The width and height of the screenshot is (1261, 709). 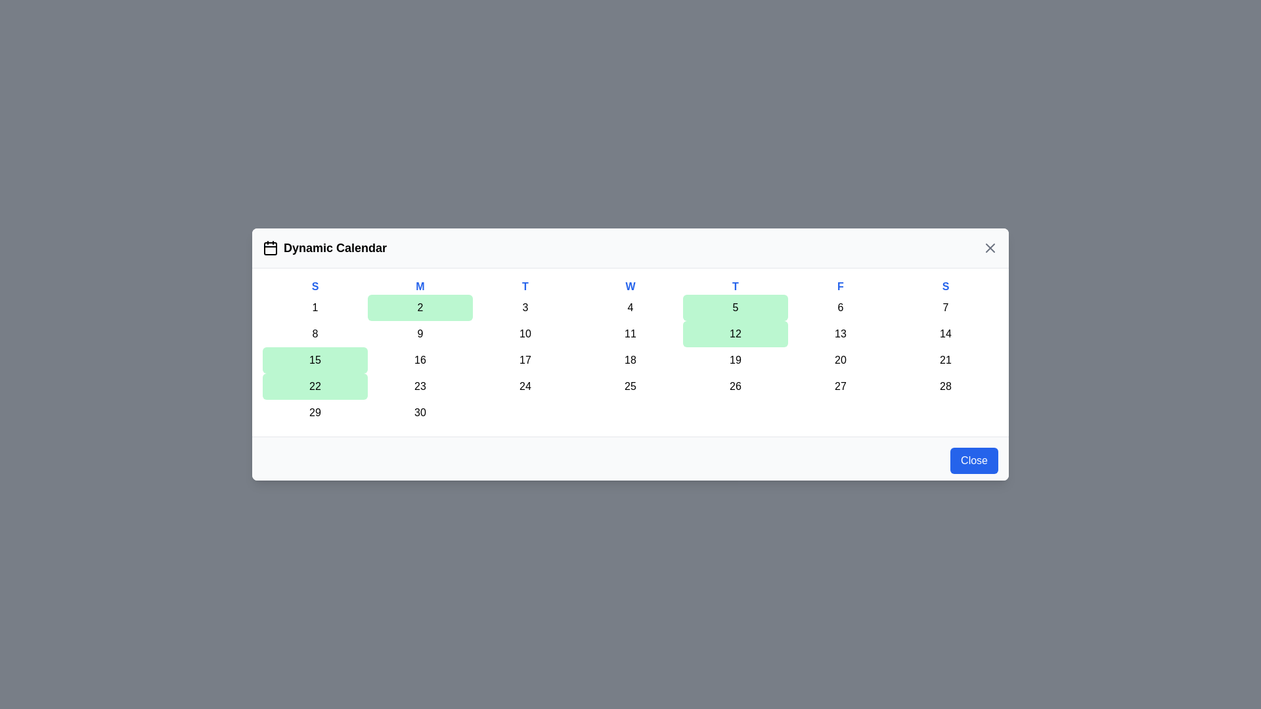 I want to click on the day cell corresponding to 6, so click(x=841, y=308).